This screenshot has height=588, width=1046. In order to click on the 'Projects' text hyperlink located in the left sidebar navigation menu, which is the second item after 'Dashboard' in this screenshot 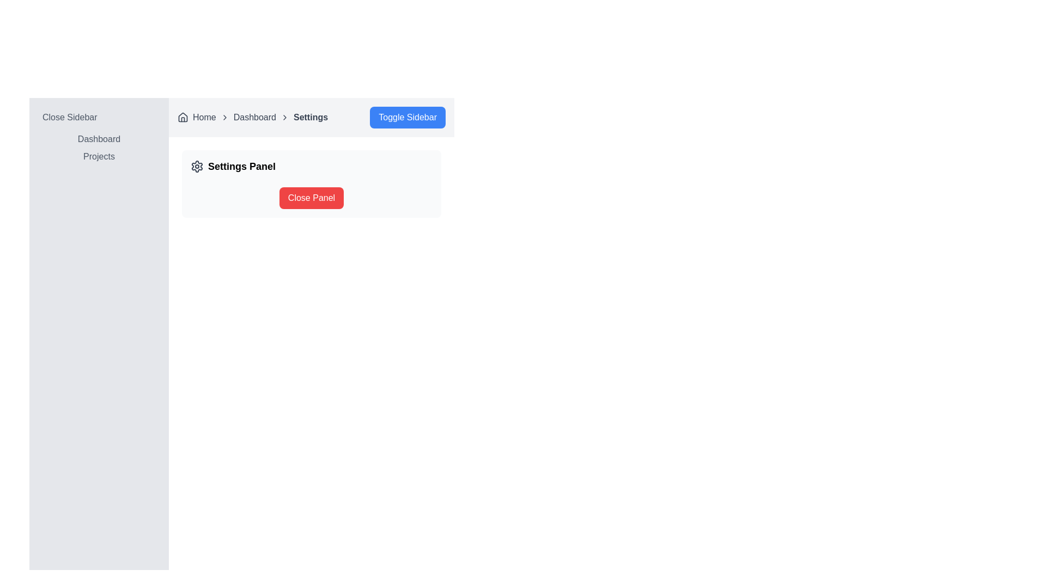, I will do `click(99, 157)`.